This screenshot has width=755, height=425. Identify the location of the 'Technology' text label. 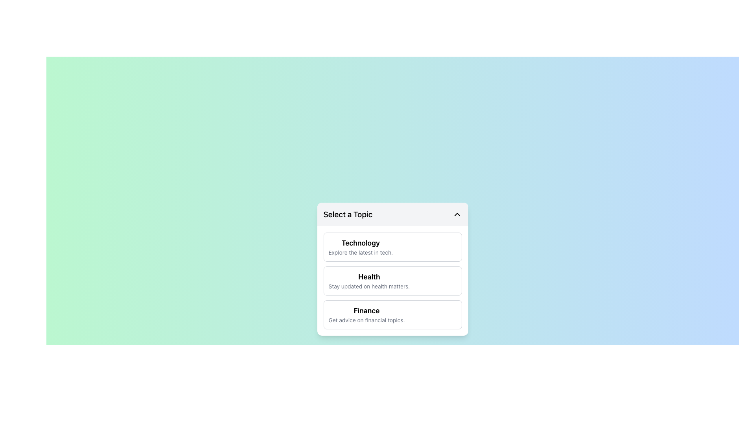
(360, 247).